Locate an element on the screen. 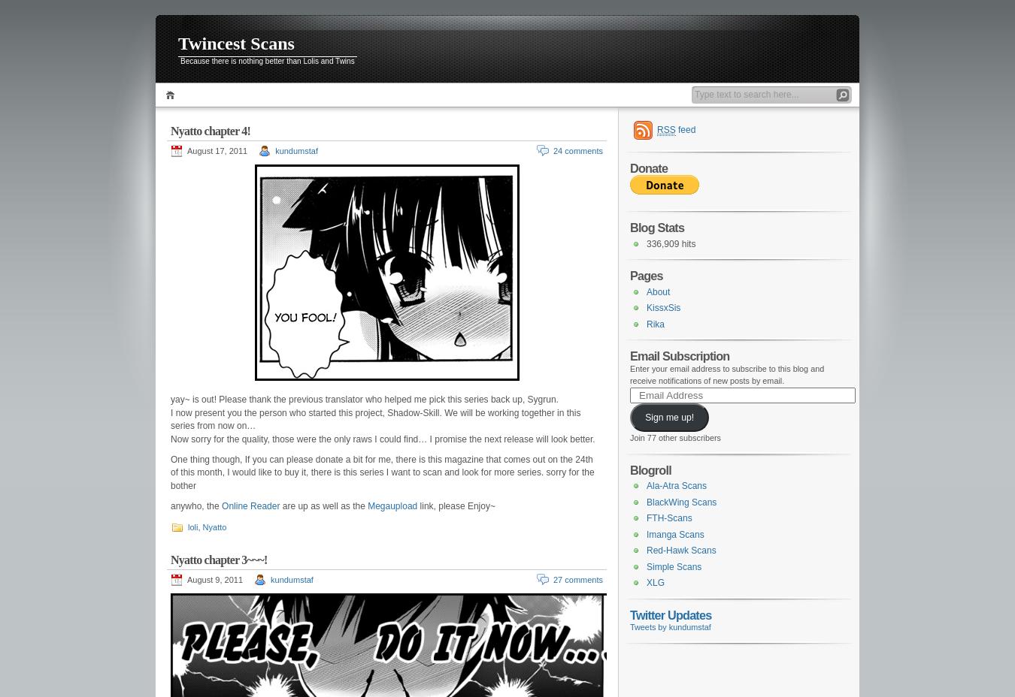 This screenshot has height=697, width=1015. 'Pages' is located at coordinates (646, 276).